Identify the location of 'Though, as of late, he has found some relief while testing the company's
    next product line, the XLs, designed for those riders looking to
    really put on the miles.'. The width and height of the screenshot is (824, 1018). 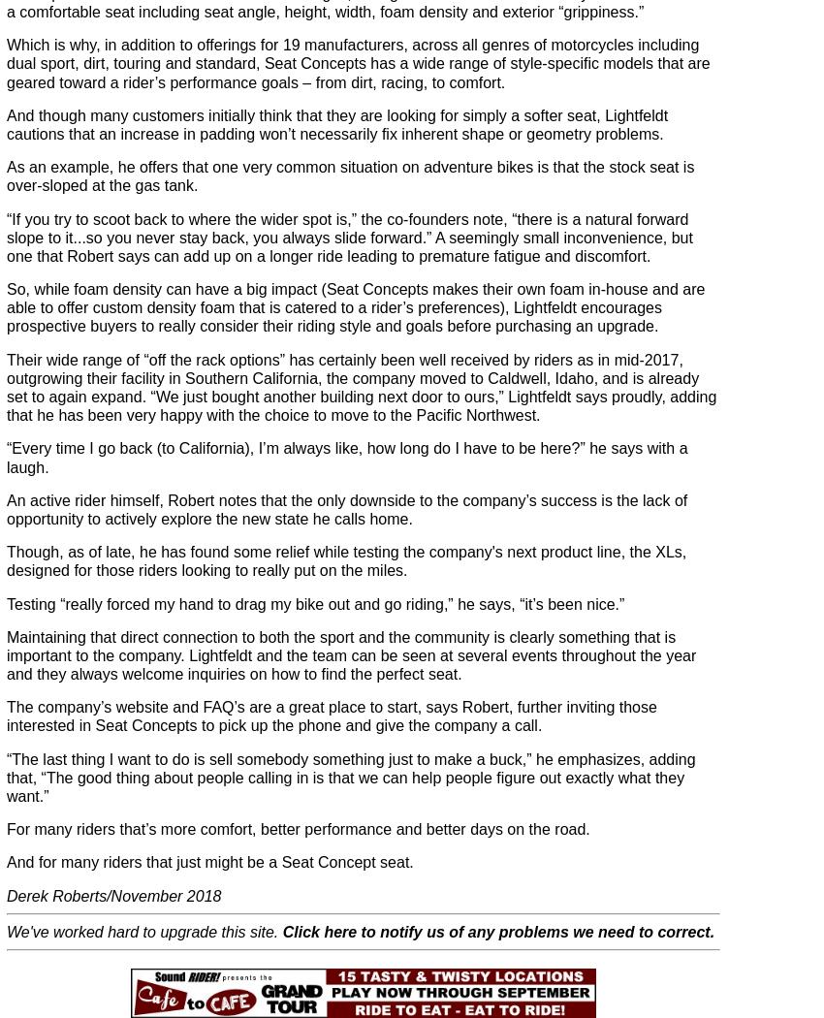
(345, 559).